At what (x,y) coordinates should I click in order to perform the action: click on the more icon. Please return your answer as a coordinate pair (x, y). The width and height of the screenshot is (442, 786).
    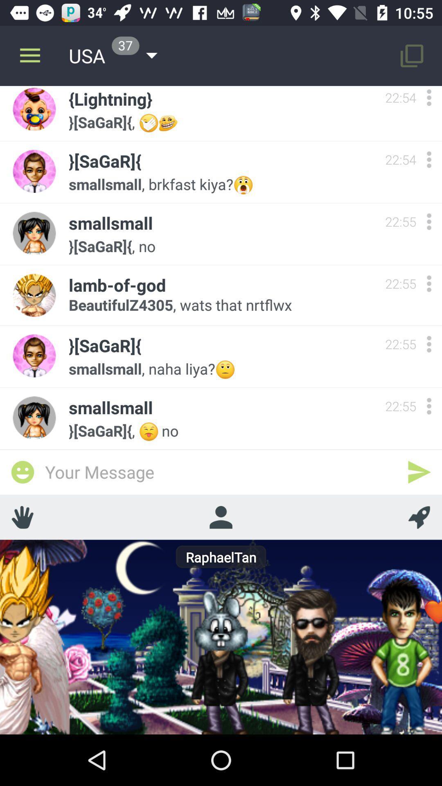
    Looking at the image, I should click on (428, 221).